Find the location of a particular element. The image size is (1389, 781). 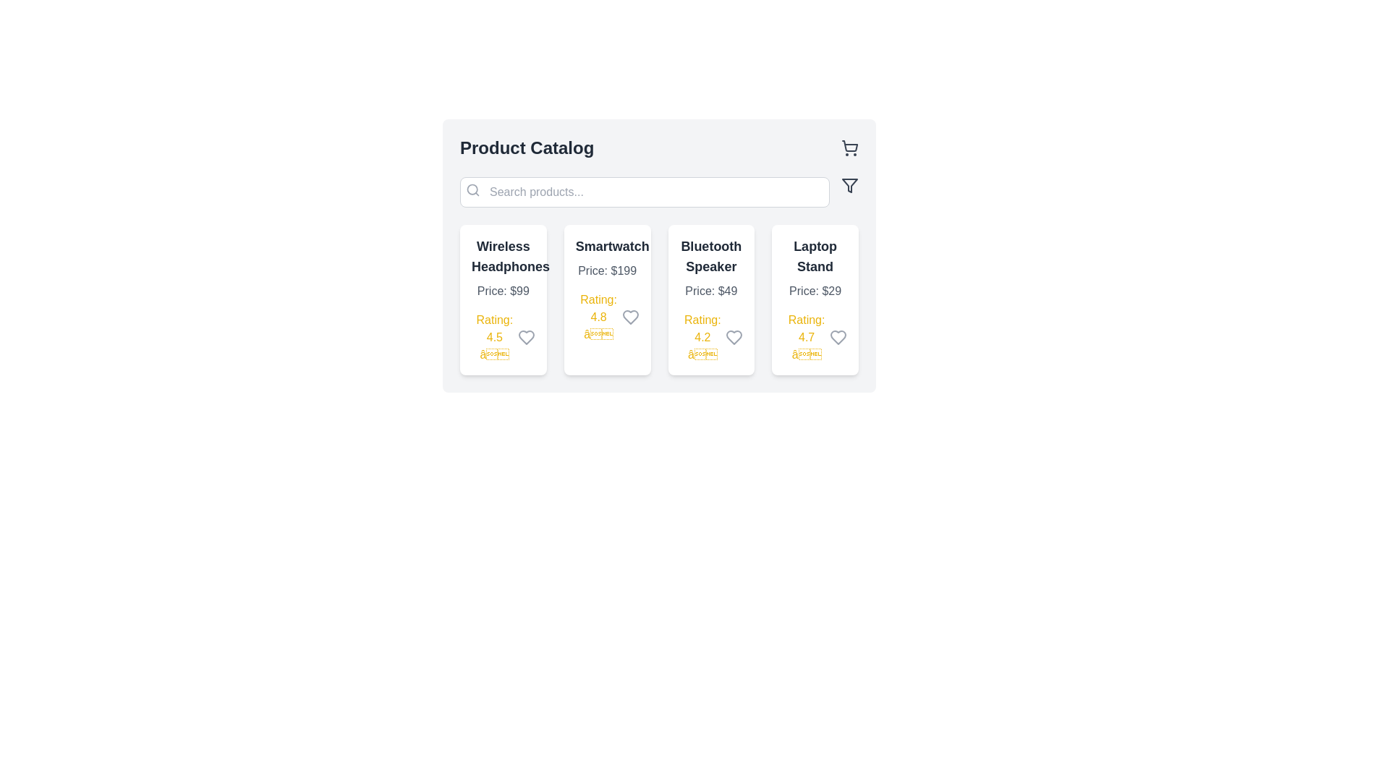

the magnifying glass search icon located inside the search input field of the 'Product Catalog' panel is located at coordinates (472, 189).